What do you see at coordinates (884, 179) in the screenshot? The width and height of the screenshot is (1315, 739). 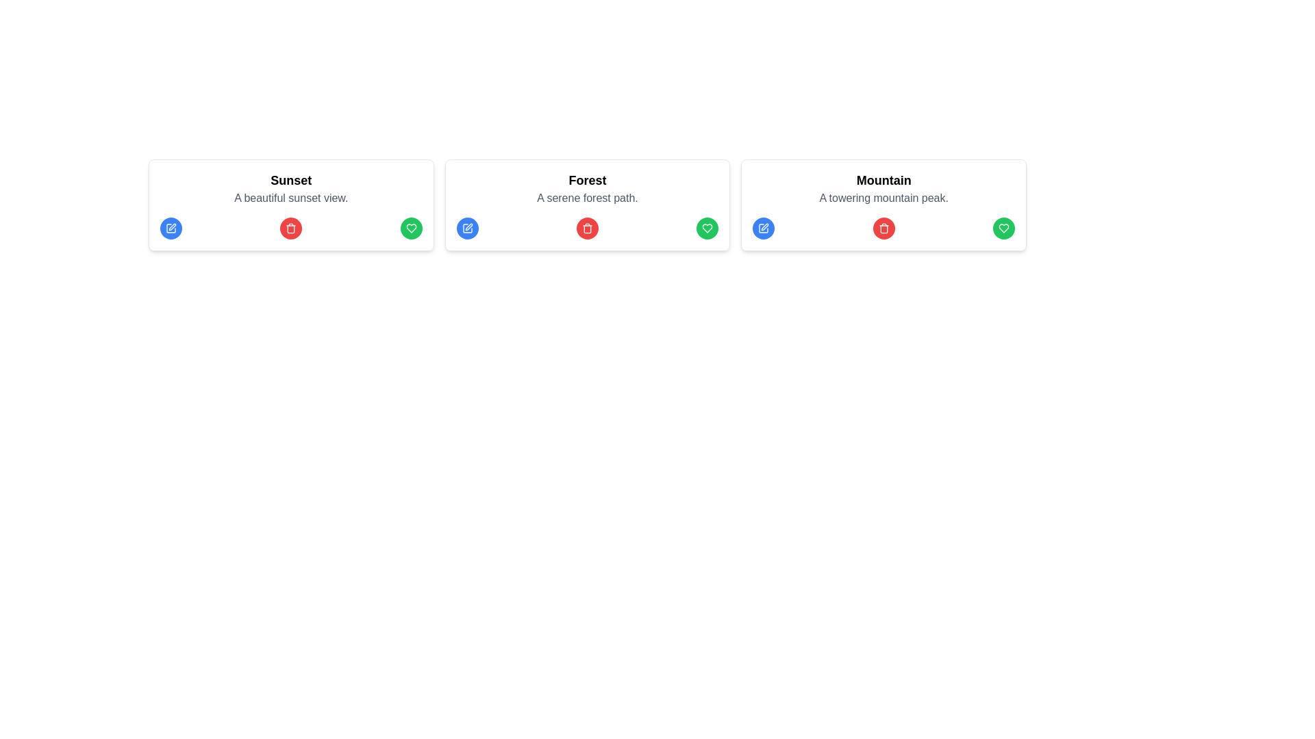 I see `the static text label at the top of the third card, which serves as the title for the card's content about a mountain peak` at bounding box center [884, 179].